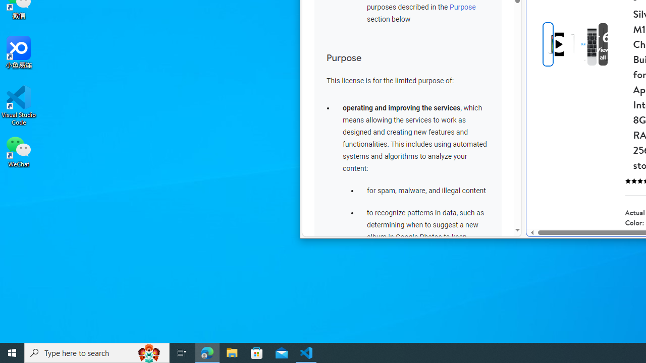 Image resolution: width=646 pixels, height=363 pixels. I want to click on 'WeChat', so click(19, 151).